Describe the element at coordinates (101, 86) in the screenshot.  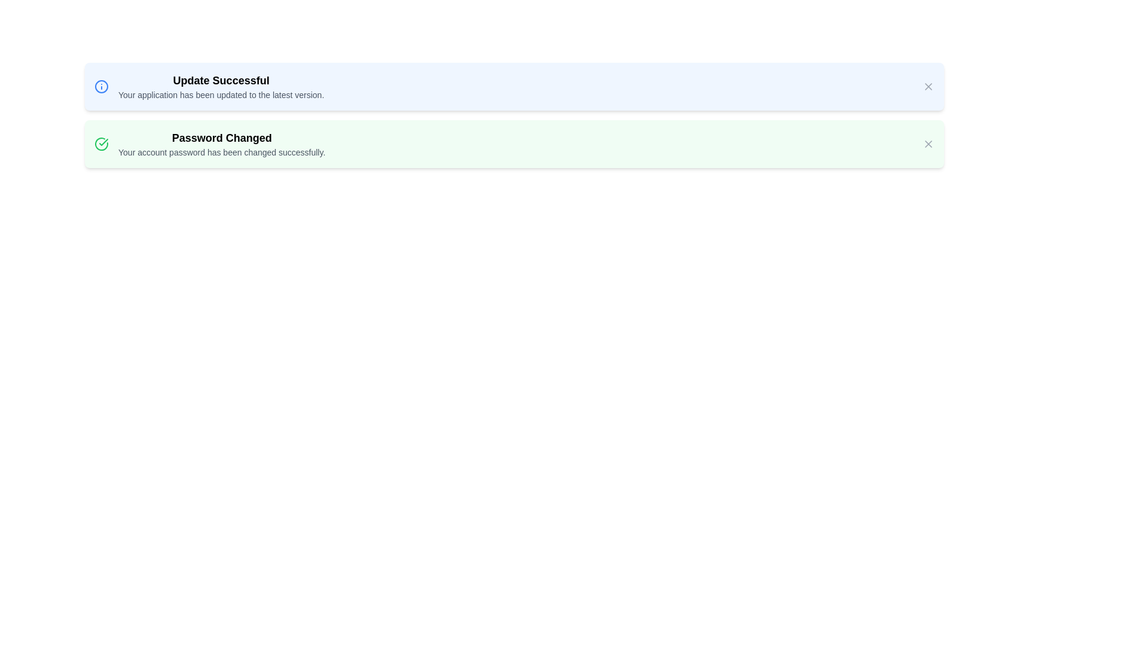
I see `the icon of the alert card` at that location.